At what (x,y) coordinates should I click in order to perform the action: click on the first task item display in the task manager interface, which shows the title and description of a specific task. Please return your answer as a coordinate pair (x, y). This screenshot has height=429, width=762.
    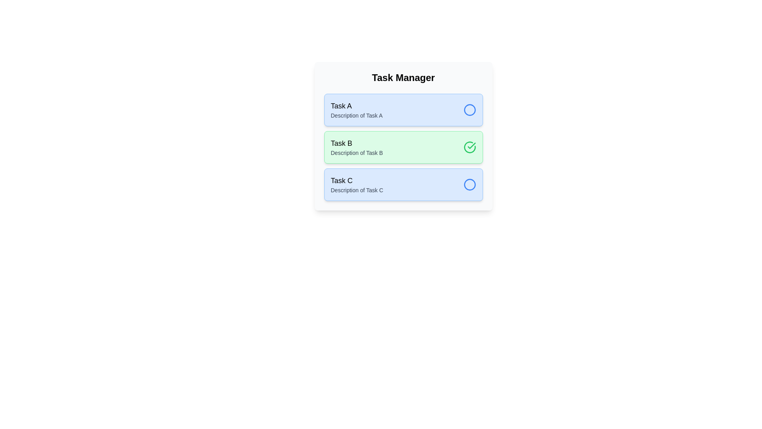
    Looking at the image, I should click on (356, 110).